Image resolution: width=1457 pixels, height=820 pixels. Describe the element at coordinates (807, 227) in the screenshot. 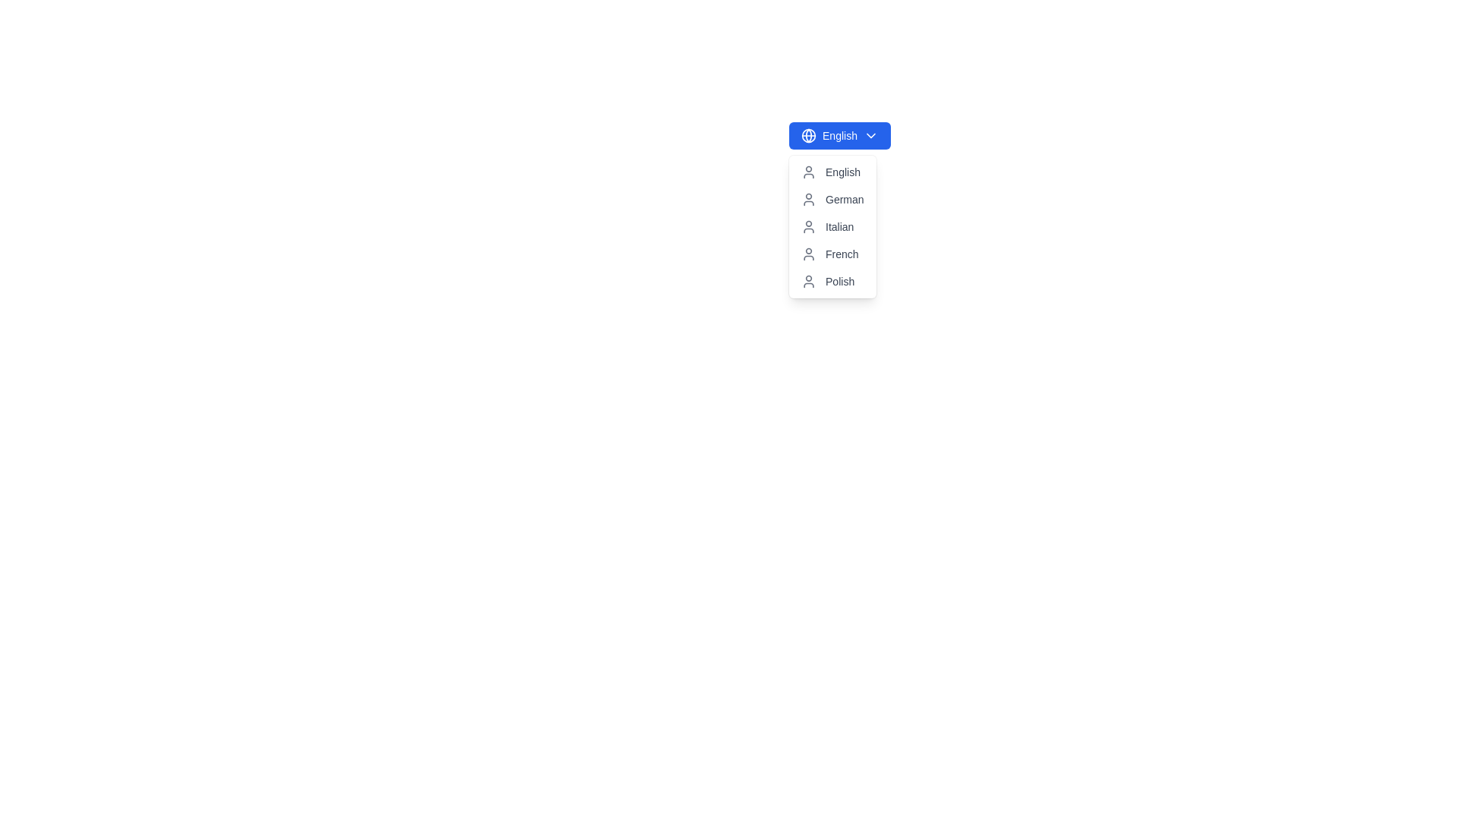

I see `the user profile icon, which is an outlined figure of a person in gray, located to the left of the 'Italian' text in the dropdown menu` at that location.